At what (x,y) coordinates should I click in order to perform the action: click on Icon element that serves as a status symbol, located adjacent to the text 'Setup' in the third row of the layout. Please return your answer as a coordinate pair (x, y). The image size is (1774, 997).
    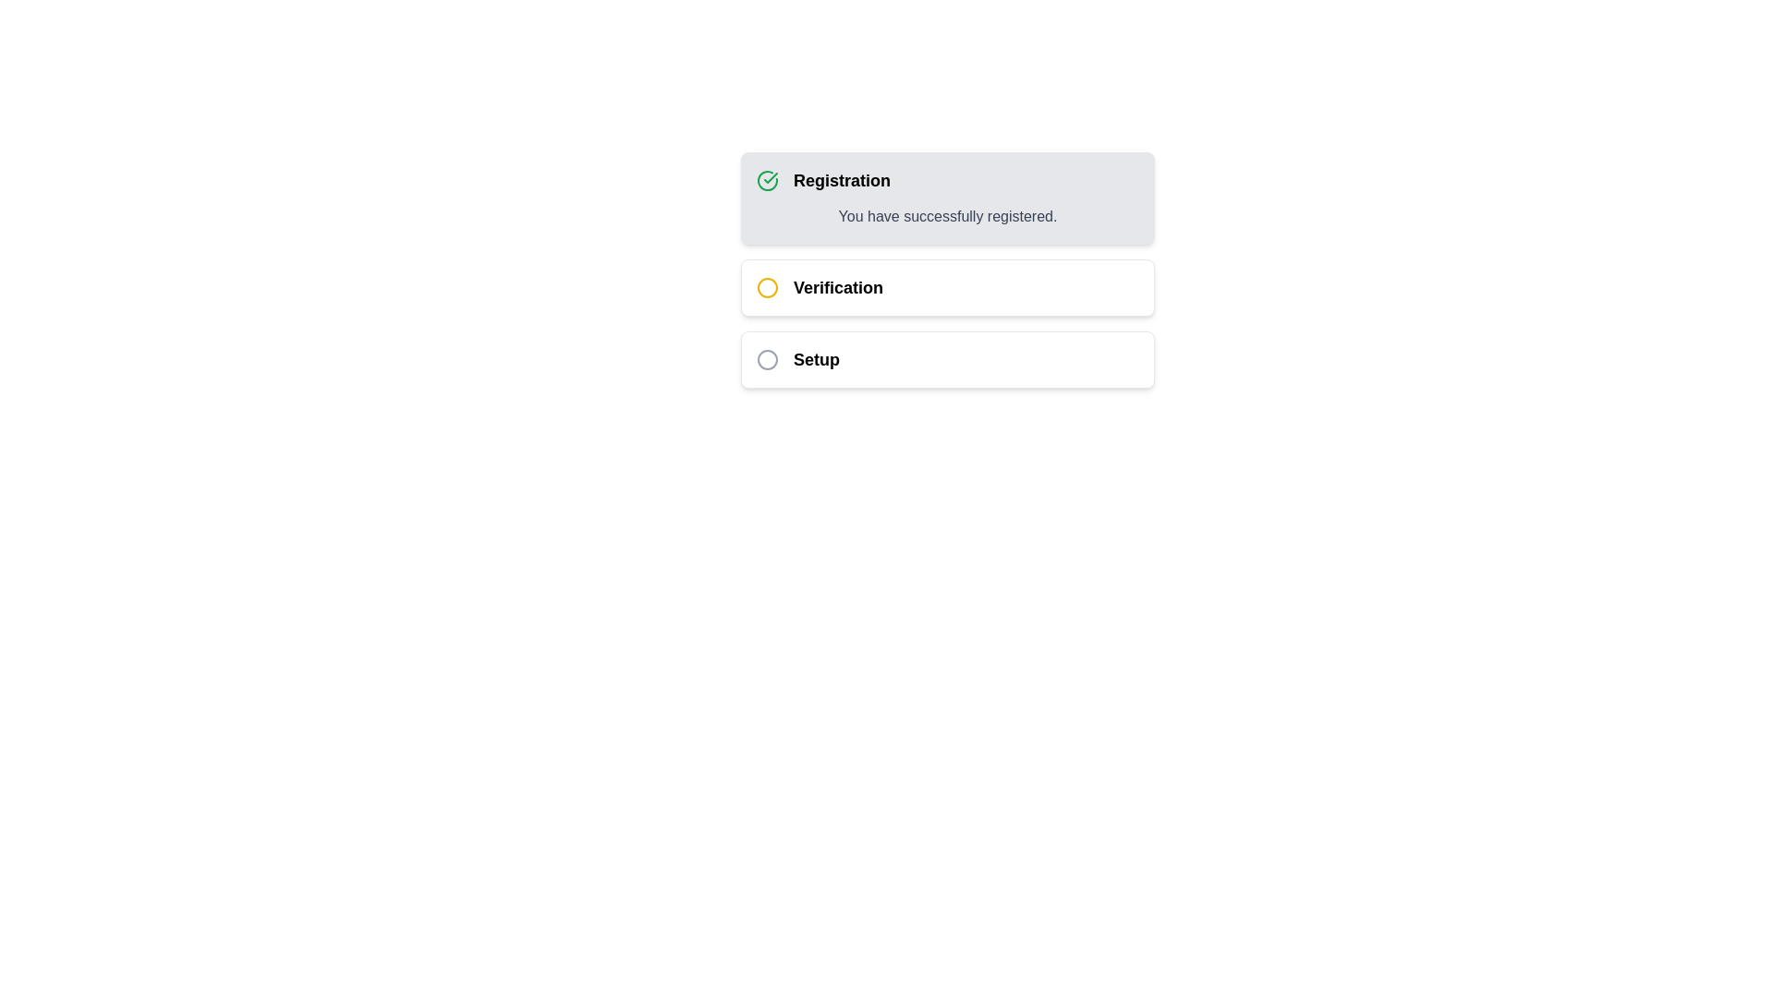
    Looking at the image, I should click on (767, 359).